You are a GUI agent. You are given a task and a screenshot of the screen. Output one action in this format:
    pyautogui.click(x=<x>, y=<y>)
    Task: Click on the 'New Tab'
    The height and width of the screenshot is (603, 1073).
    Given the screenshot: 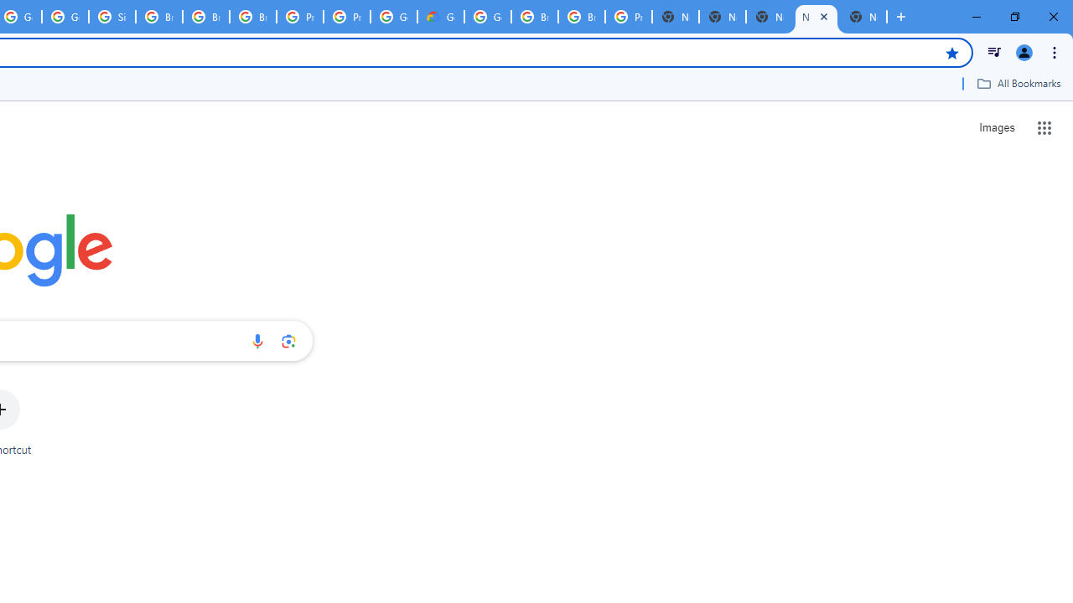 What is the action you would take?
    pyautogui.click(x=863, y=17)
    